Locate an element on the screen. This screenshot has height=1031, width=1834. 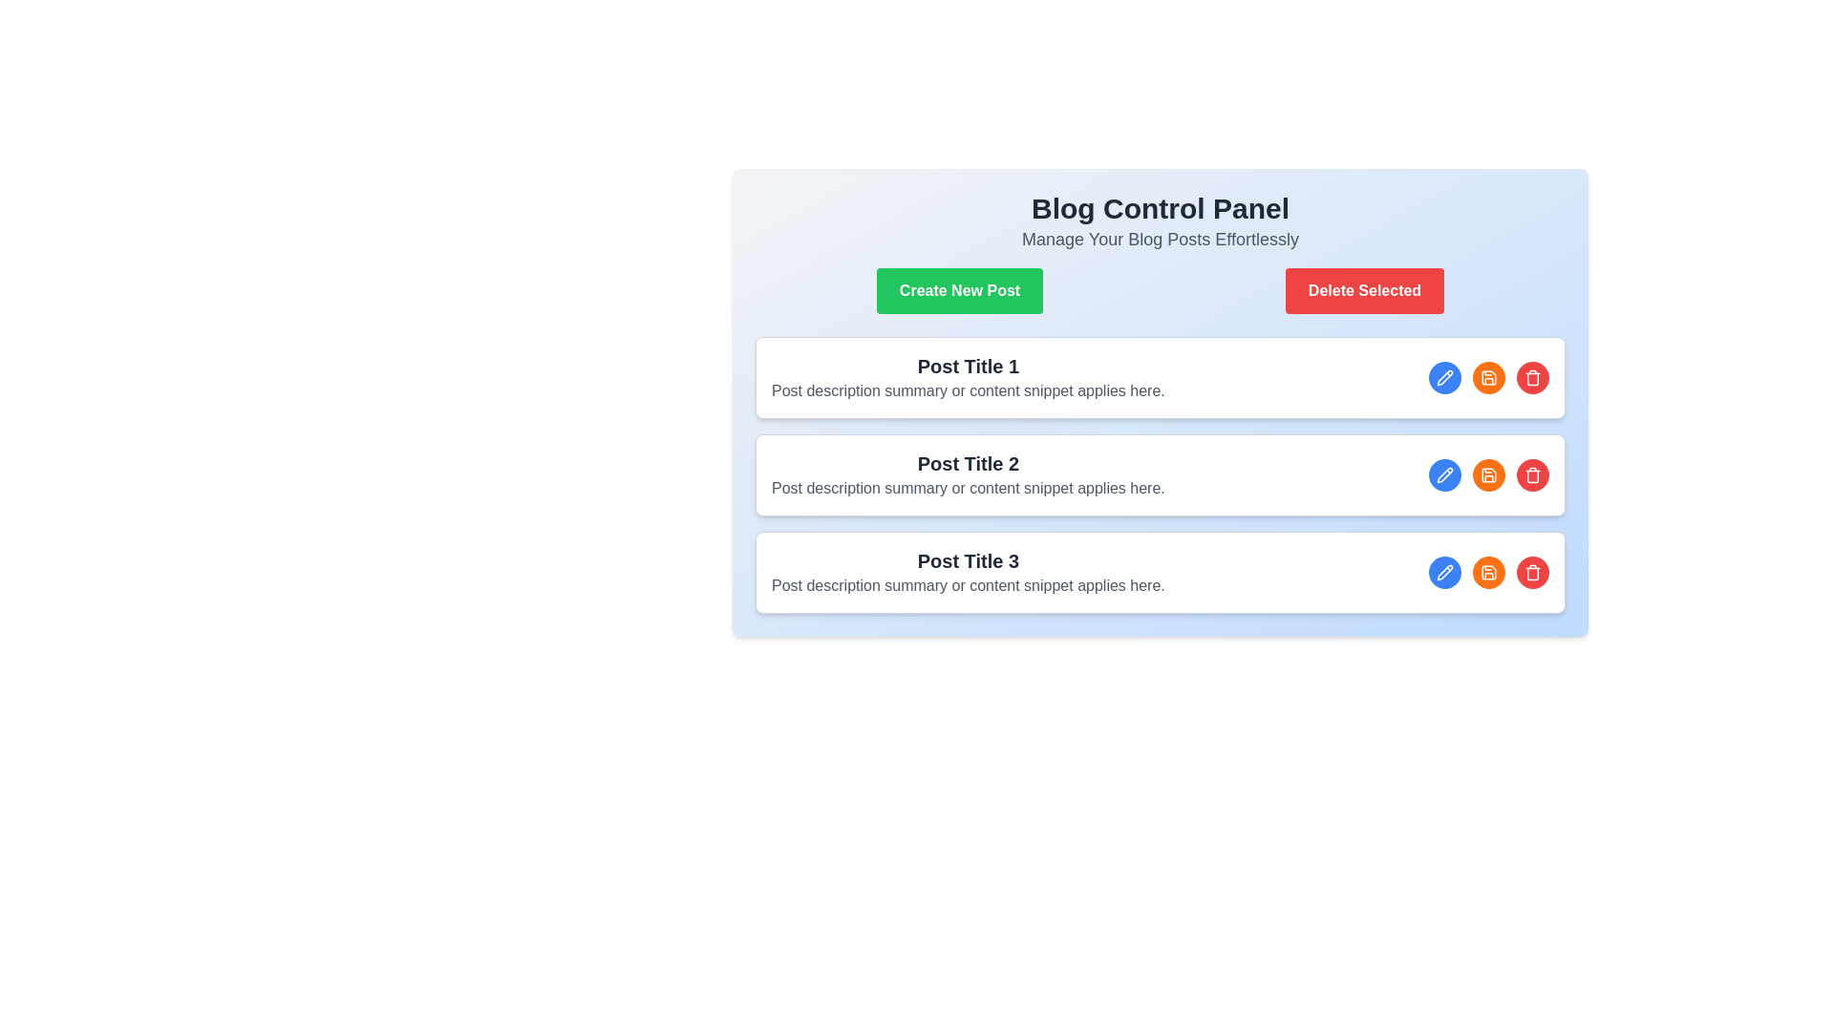
descriptive text block styled in gray color located beneath the bold title 'Post Title 3' within the third card in the vertical list is located at coordinates (968, 584).